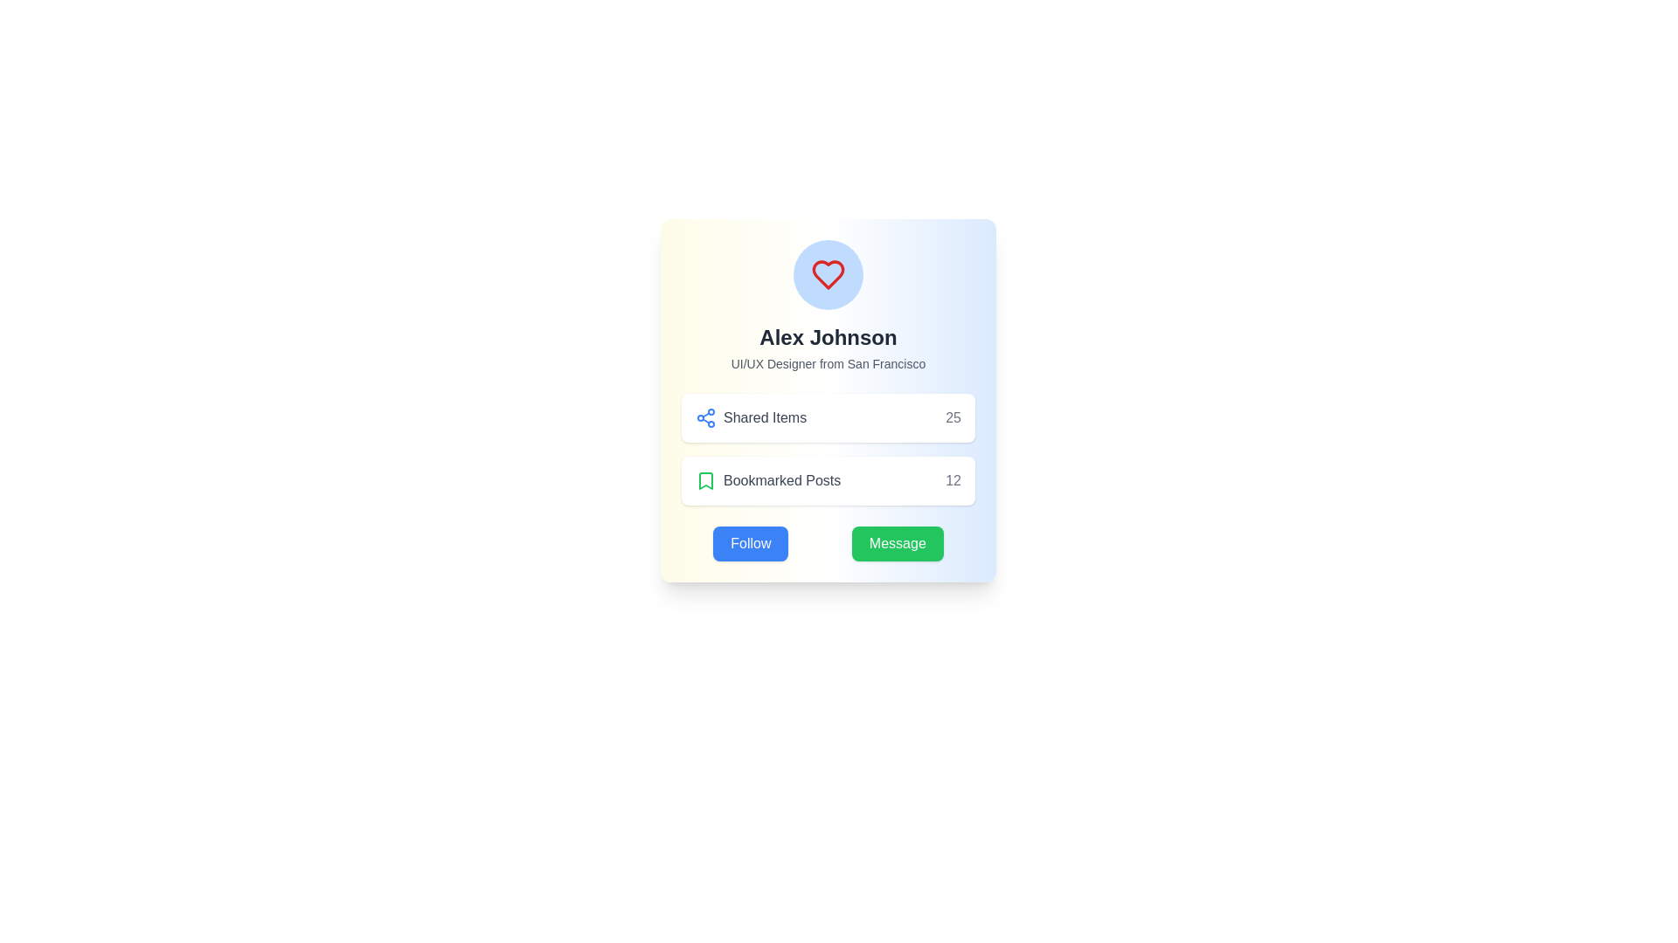 This screenshot has width=1678, height=943. I want to click on the static text display showing the number '25' in gray color, located in the 'Shared Items' section on the far right of the upper card interface, so click(953, 417).